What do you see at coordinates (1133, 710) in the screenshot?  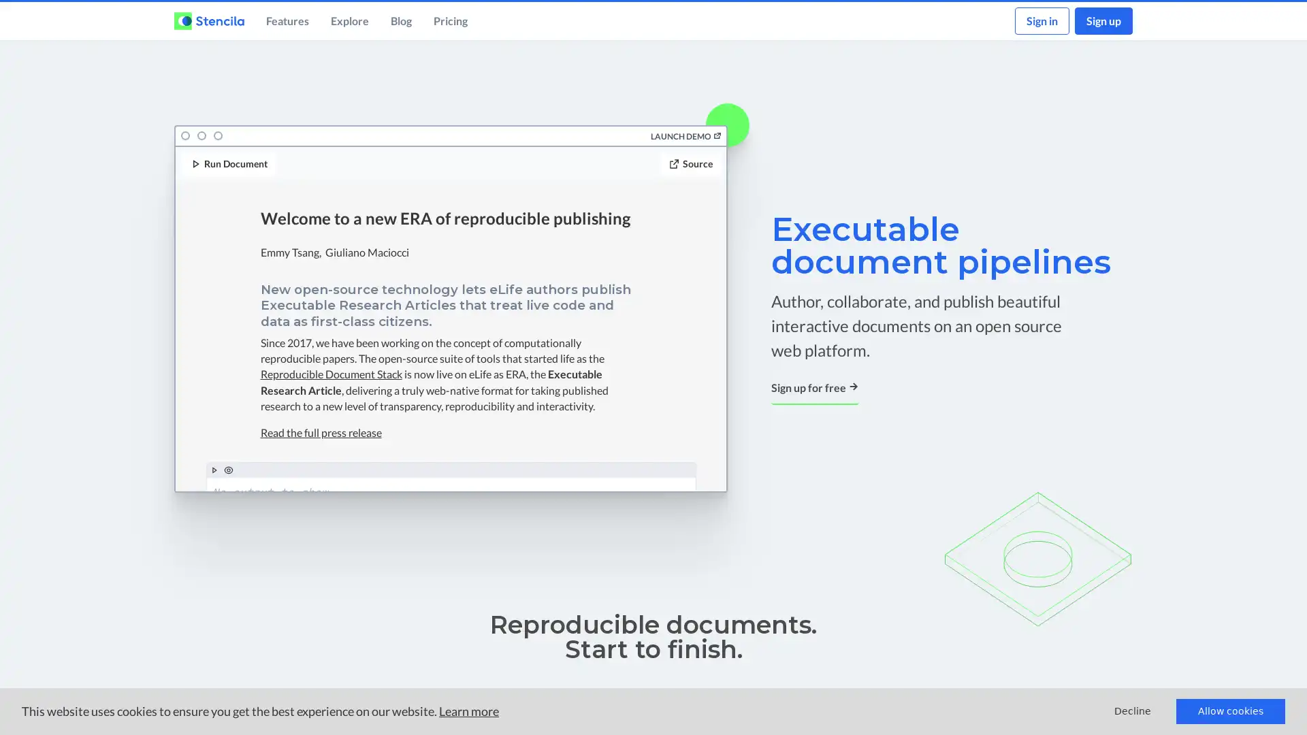 I see `Decline` at bounding box center [1133, 710].